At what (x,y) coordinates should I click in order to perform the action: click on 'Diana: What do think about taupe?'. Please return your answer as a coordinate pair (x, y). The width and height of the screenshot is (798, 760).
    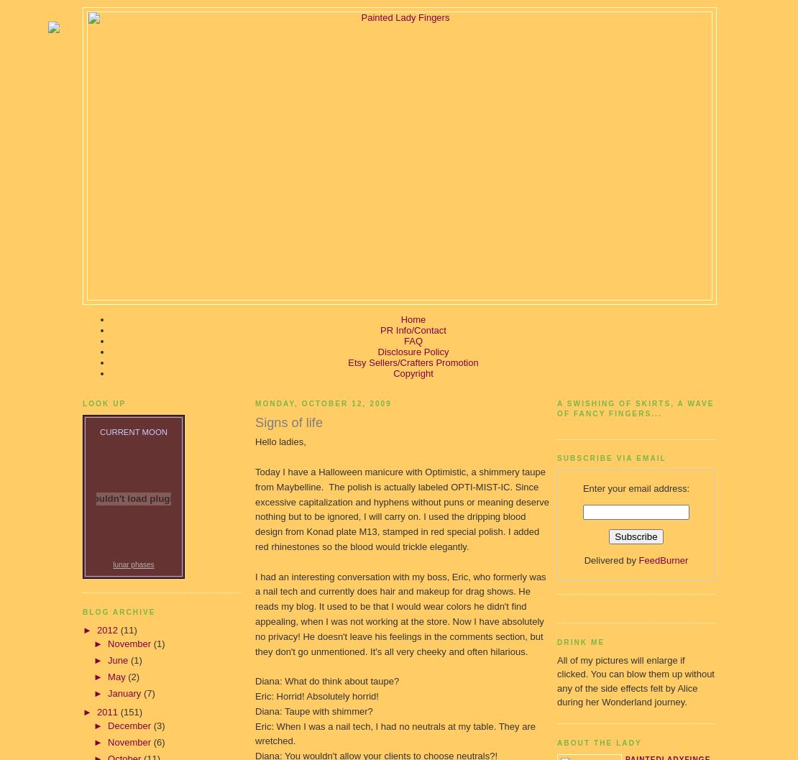
    Looking at the image, I should click on (326, 681).